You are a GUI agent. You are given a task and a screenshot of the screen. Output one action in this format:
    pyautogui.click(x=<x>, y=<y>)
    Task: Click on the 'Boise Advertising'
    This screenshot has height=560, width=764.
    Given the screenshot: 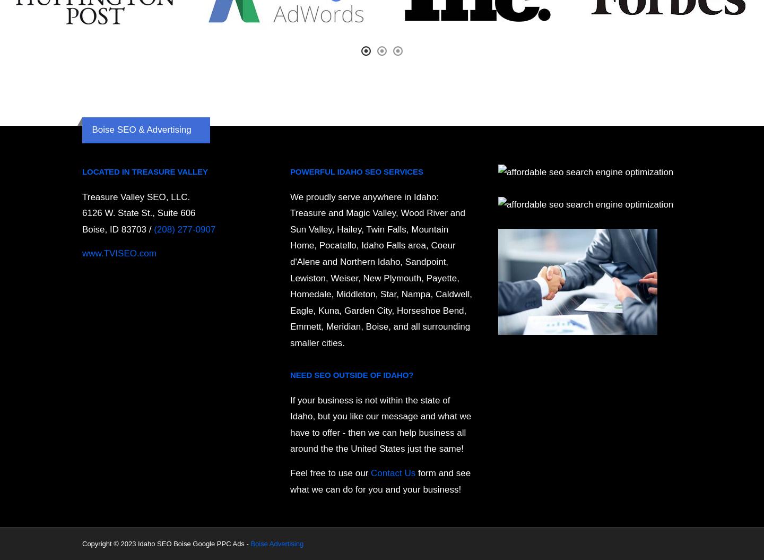 What is the action you would take?
    pyautogui.click(x=250, y=543)
    